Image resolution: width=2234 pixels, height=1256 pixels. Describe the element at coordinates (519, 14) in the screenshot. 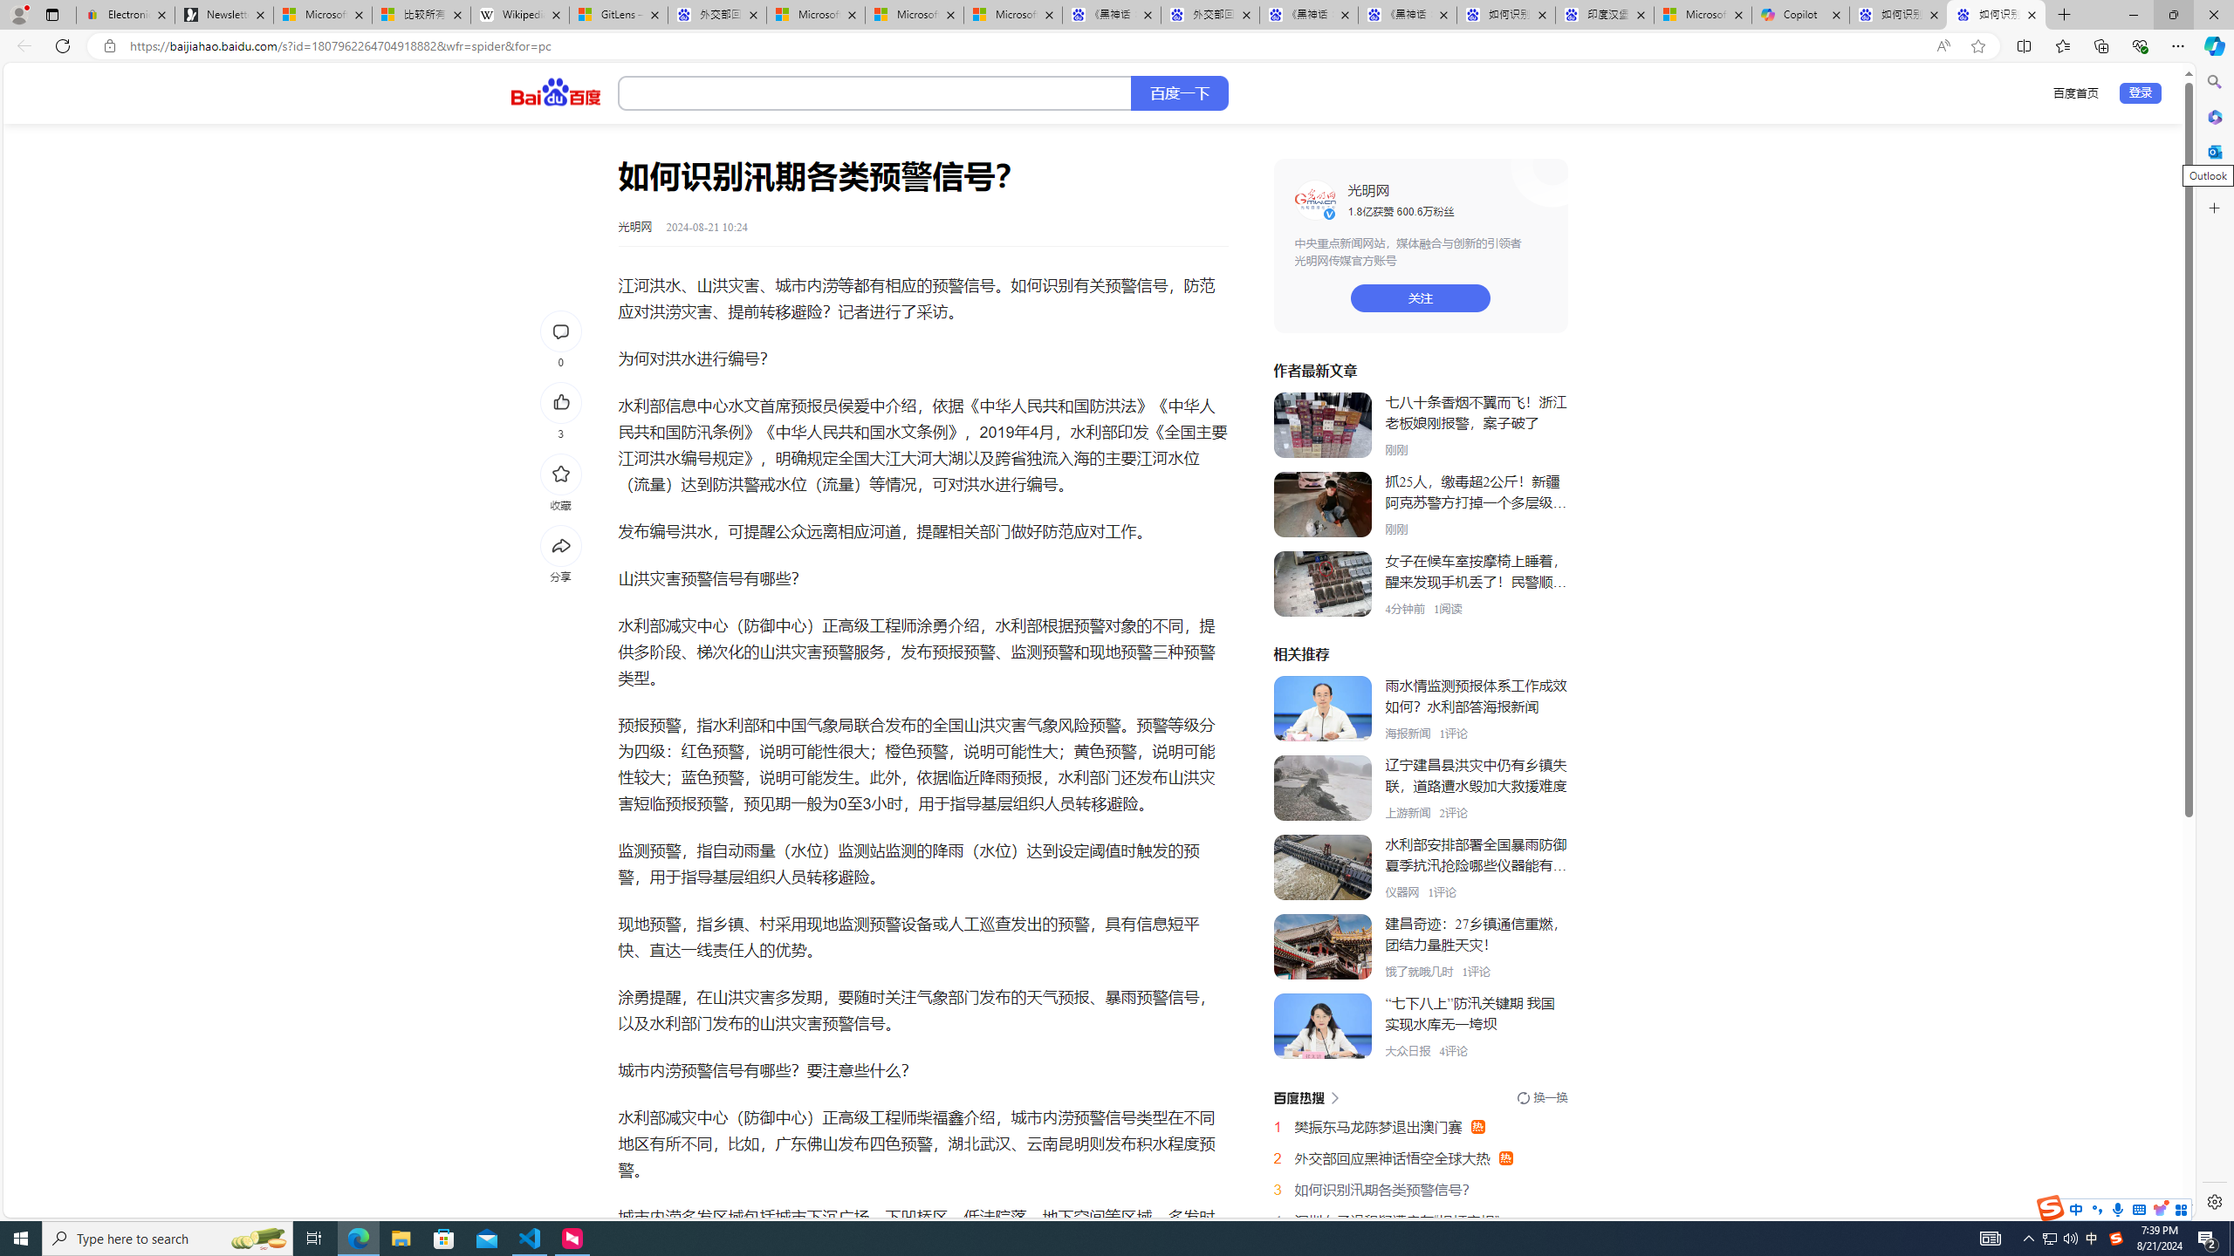

I see `'Wikipedia'` at that location.